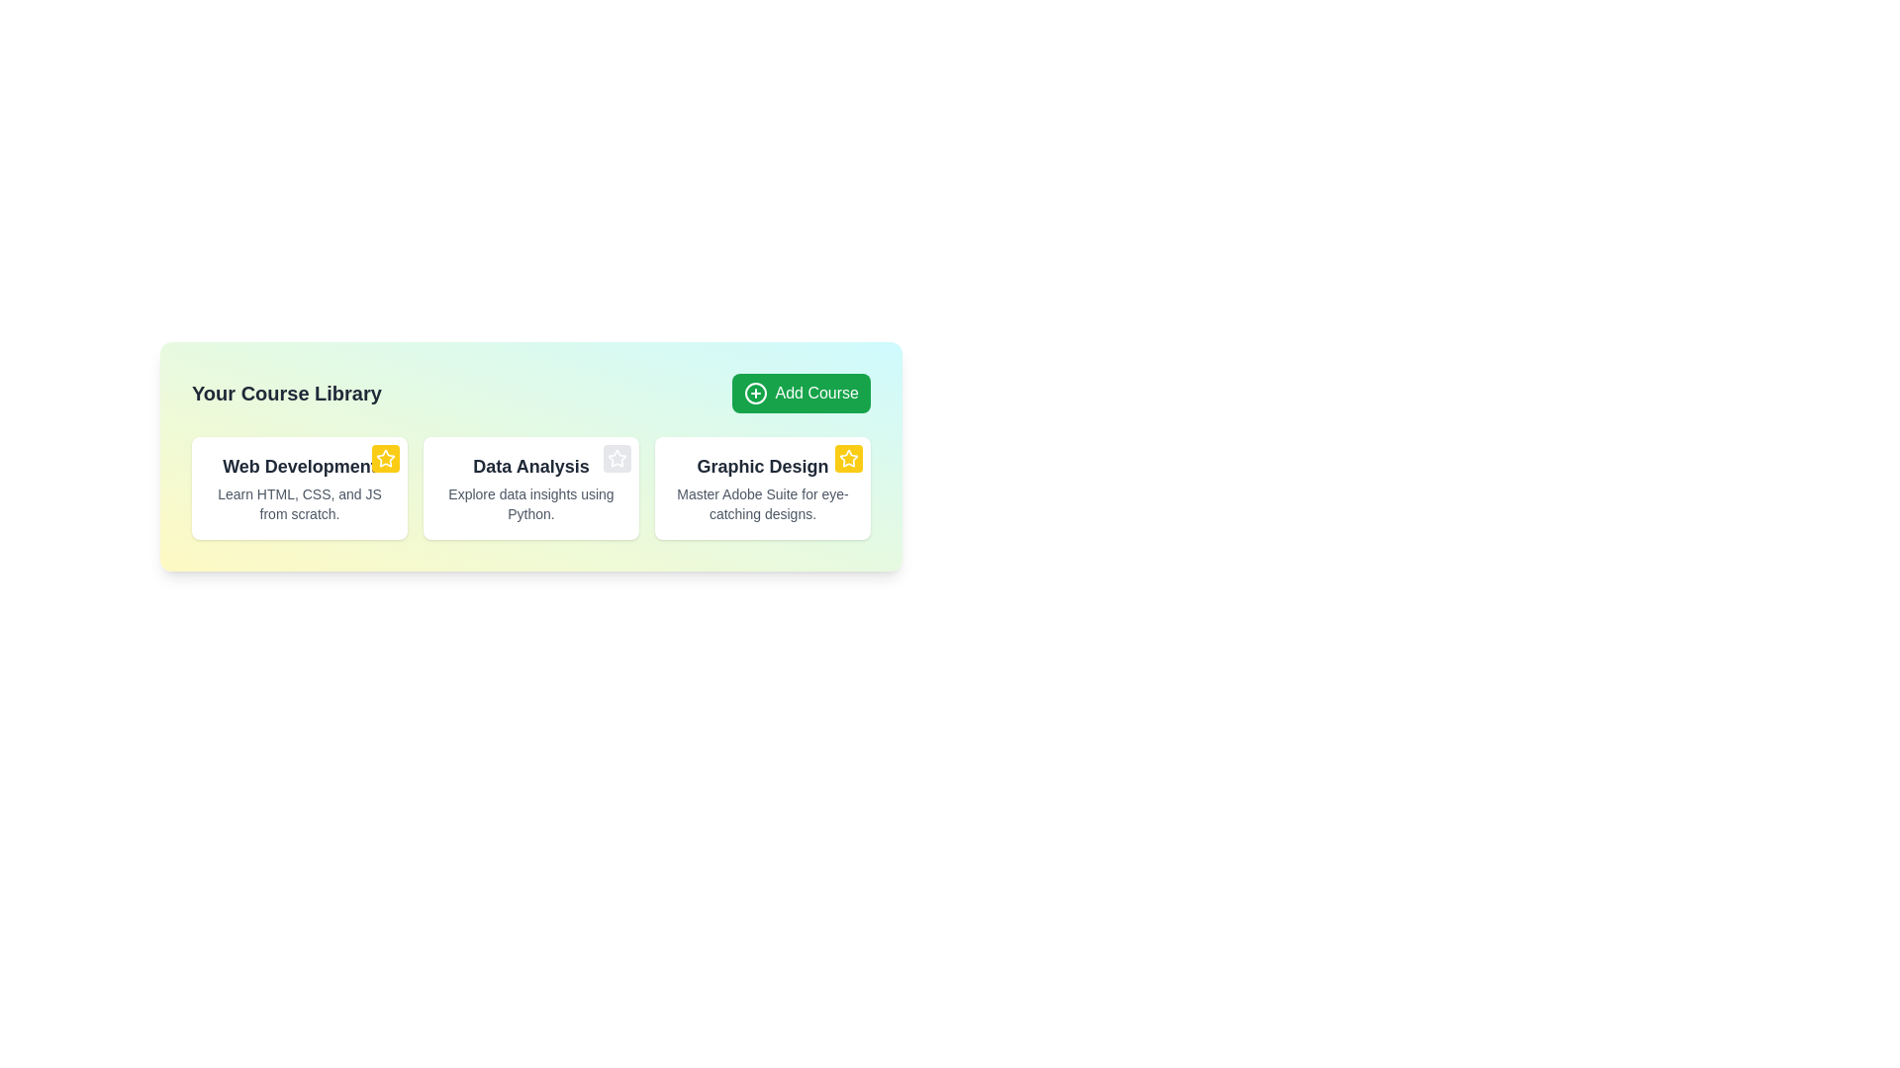  What do you see at coordinates (298, 502) in the screenshot?
I see `the text element displaying 'Learn HTML, CSS, and JS from scratch.' located under the title 'Web Development' within the first card` at bounding box center [298, 502].